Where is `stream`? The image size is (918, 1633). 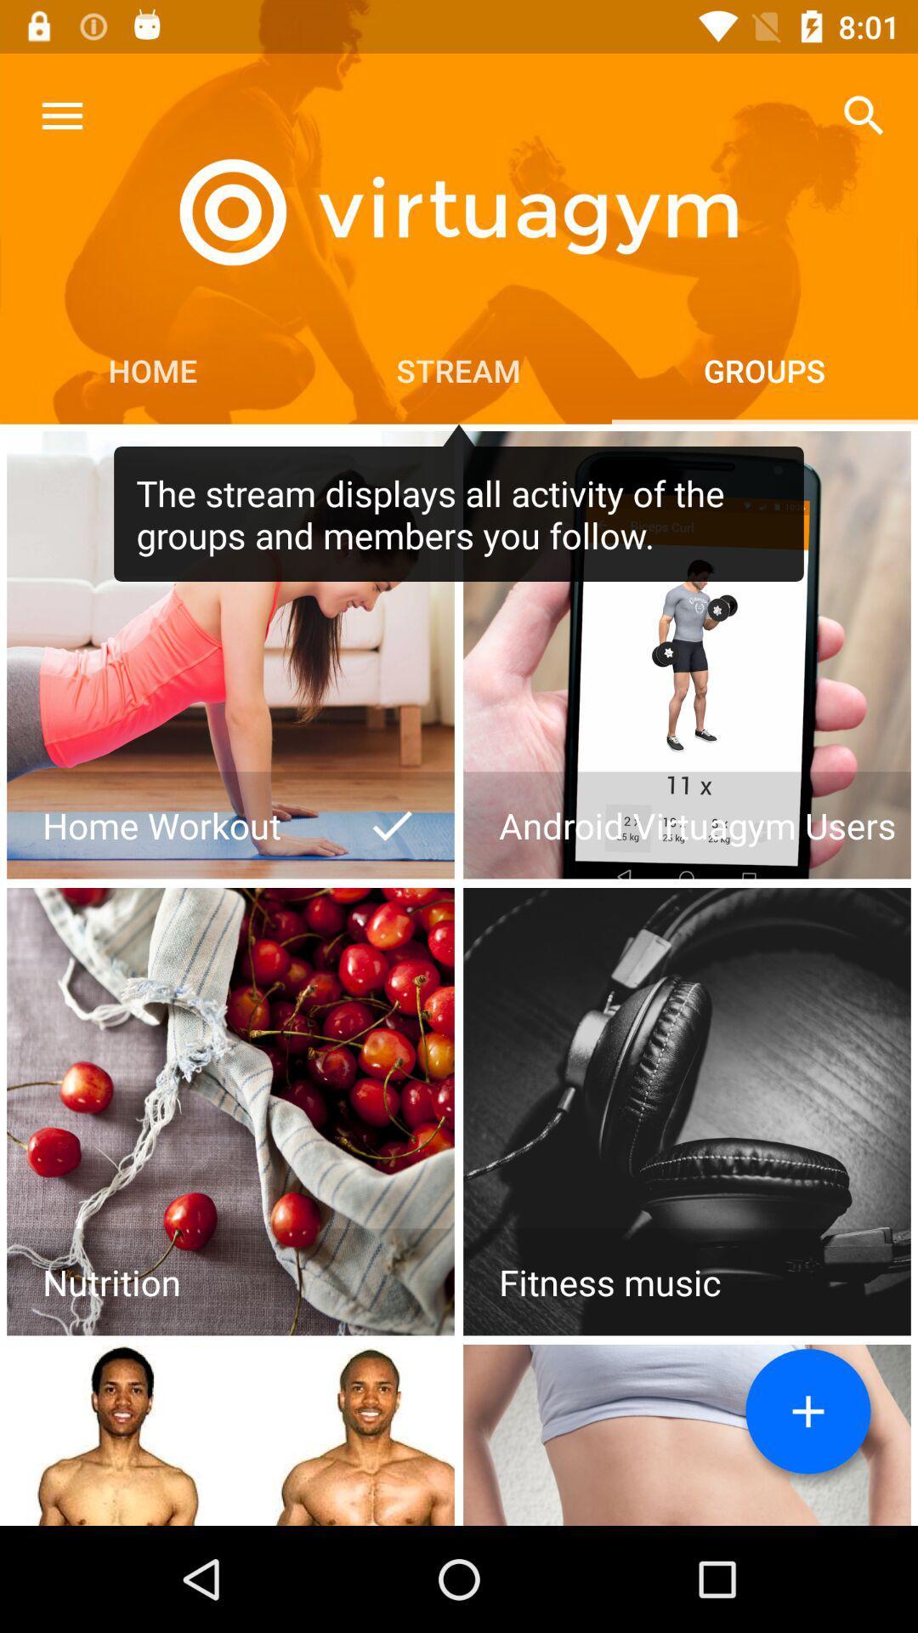 stream is located at coordinates (807, 1411).